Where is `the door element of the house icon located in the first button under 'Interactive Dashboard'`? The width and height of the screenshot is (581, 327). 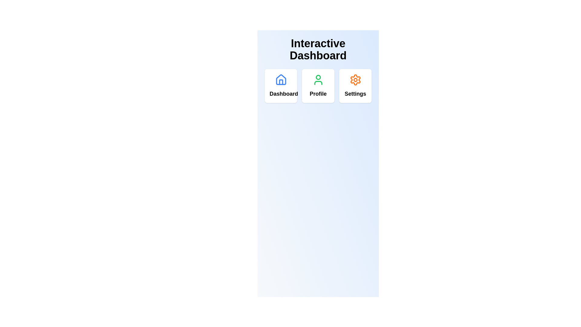
the door element of the house icon located in the first button under 'Interactive Dashboard' is located at coordinates (281, 82).